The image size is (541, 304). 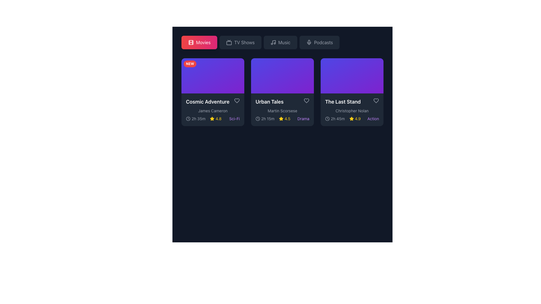 I want to click on the middle card in the three-column layout, so click(x=282, y=81).